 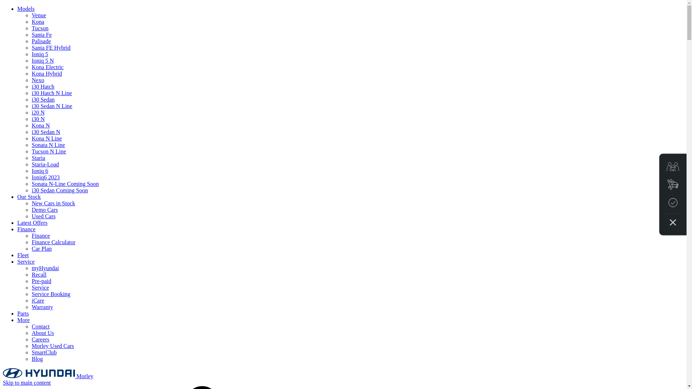 I want to click on 'Santa FE Hybrid', so click(x=51, y=48).